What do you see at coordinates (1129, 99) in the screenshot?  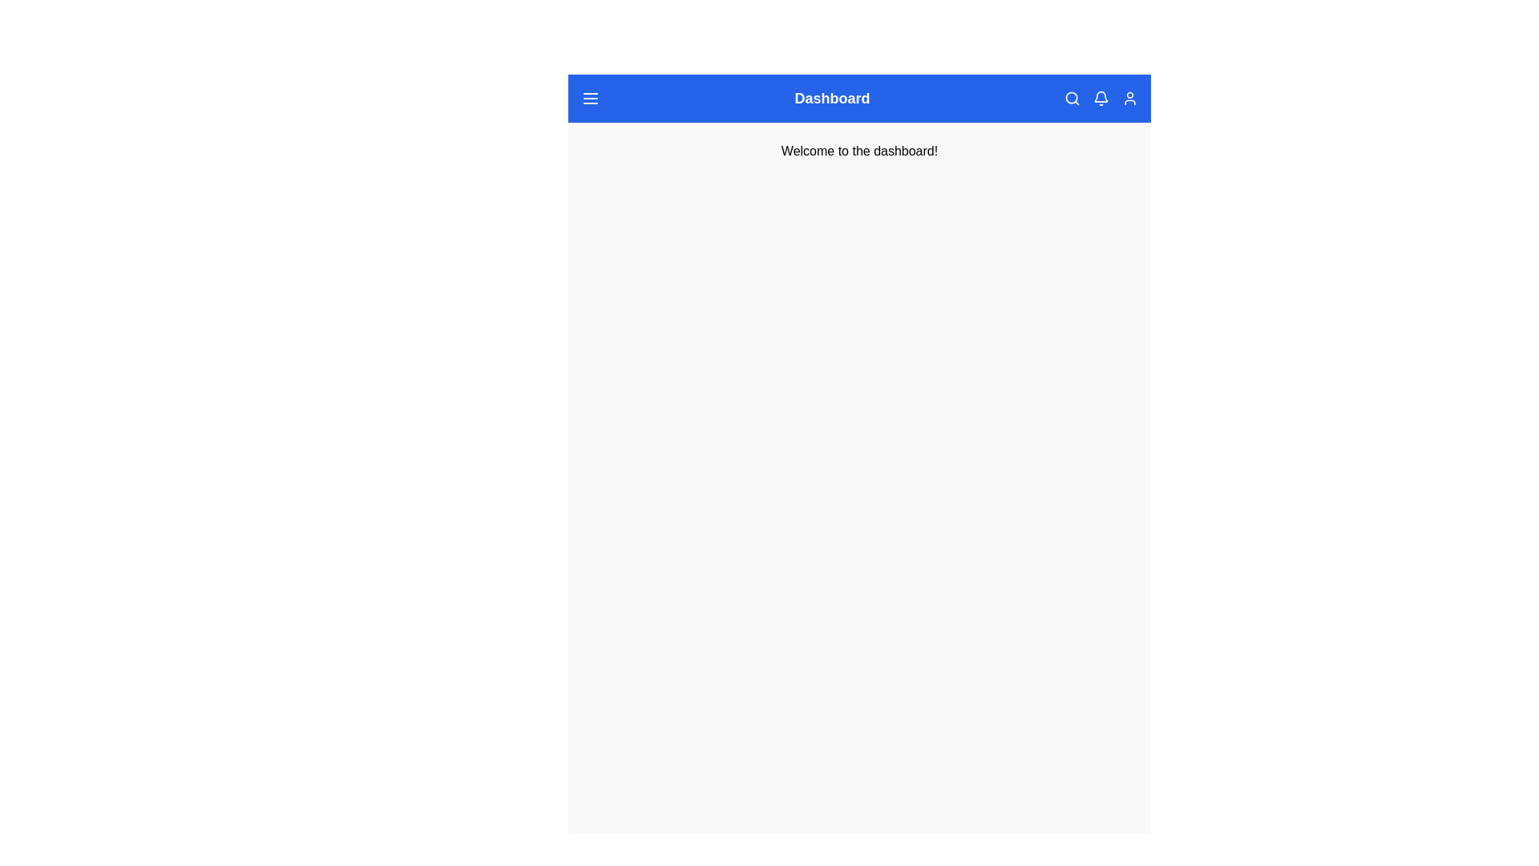 I see `the user profile icon button located at the top-right corner of the app bar` at bounding box center [1129, 99].